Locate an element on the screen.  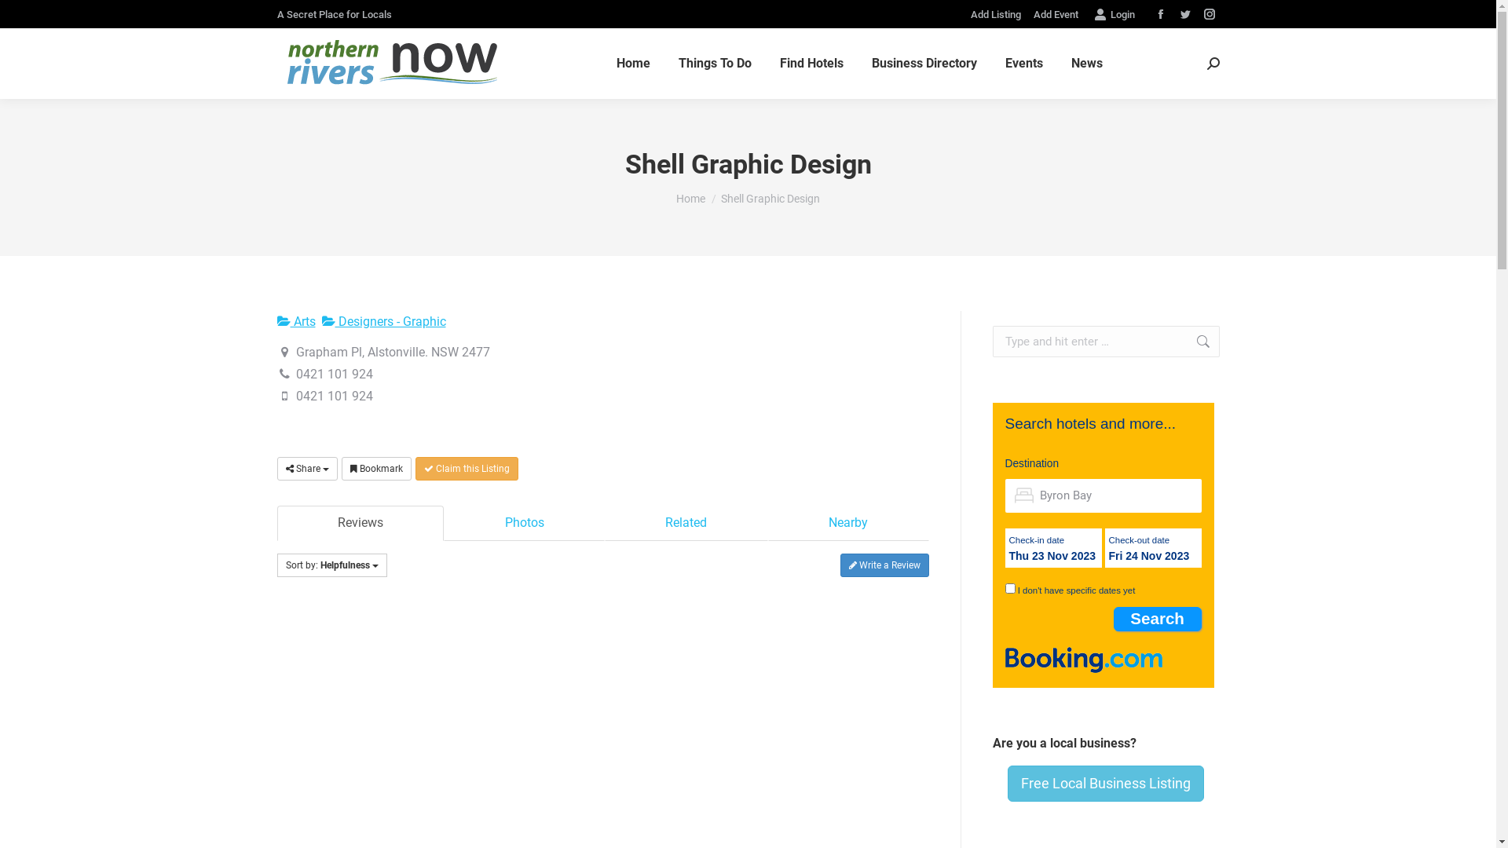
'Bookmark' is located at coordinates (375, 468).